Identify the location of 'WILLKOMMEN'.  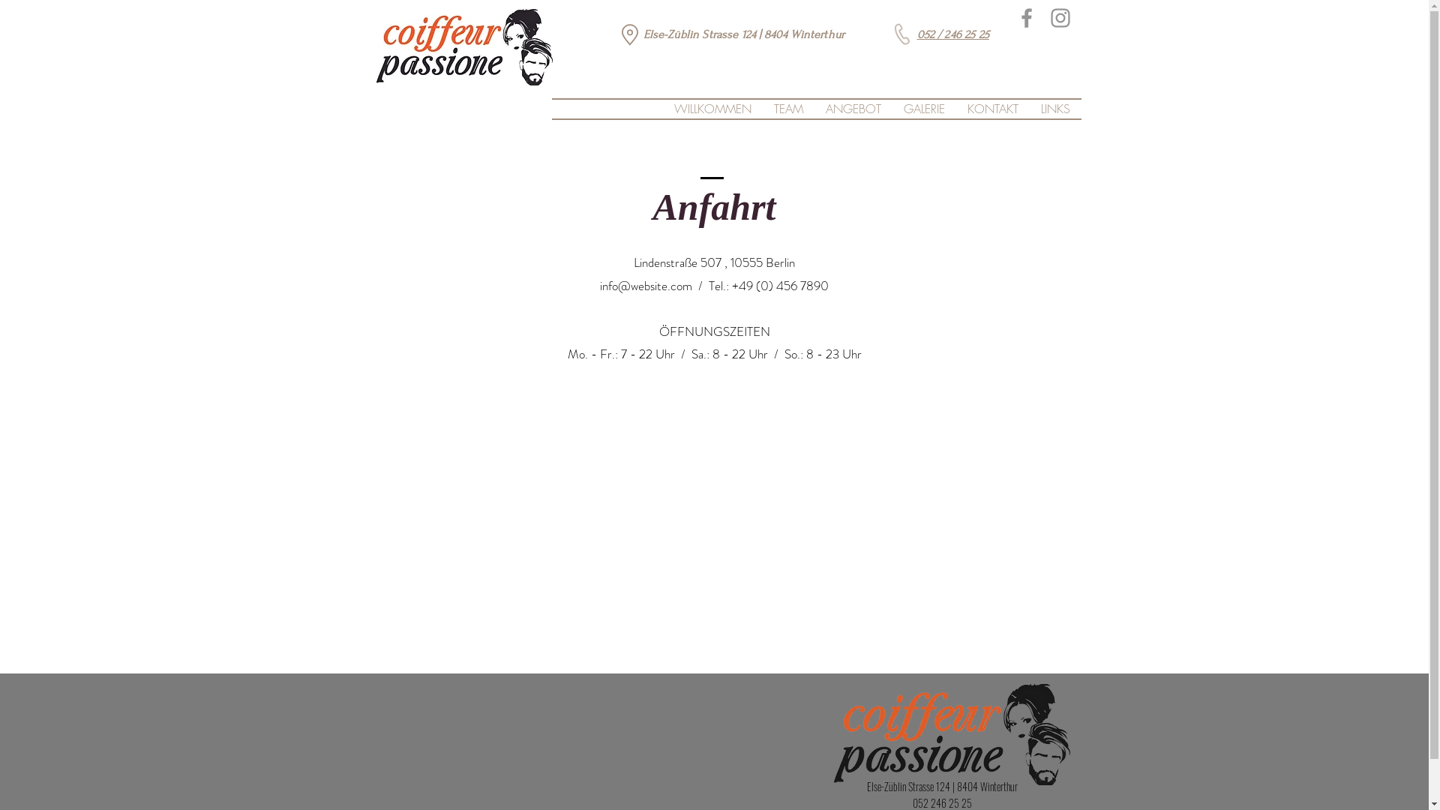
(712, 108).